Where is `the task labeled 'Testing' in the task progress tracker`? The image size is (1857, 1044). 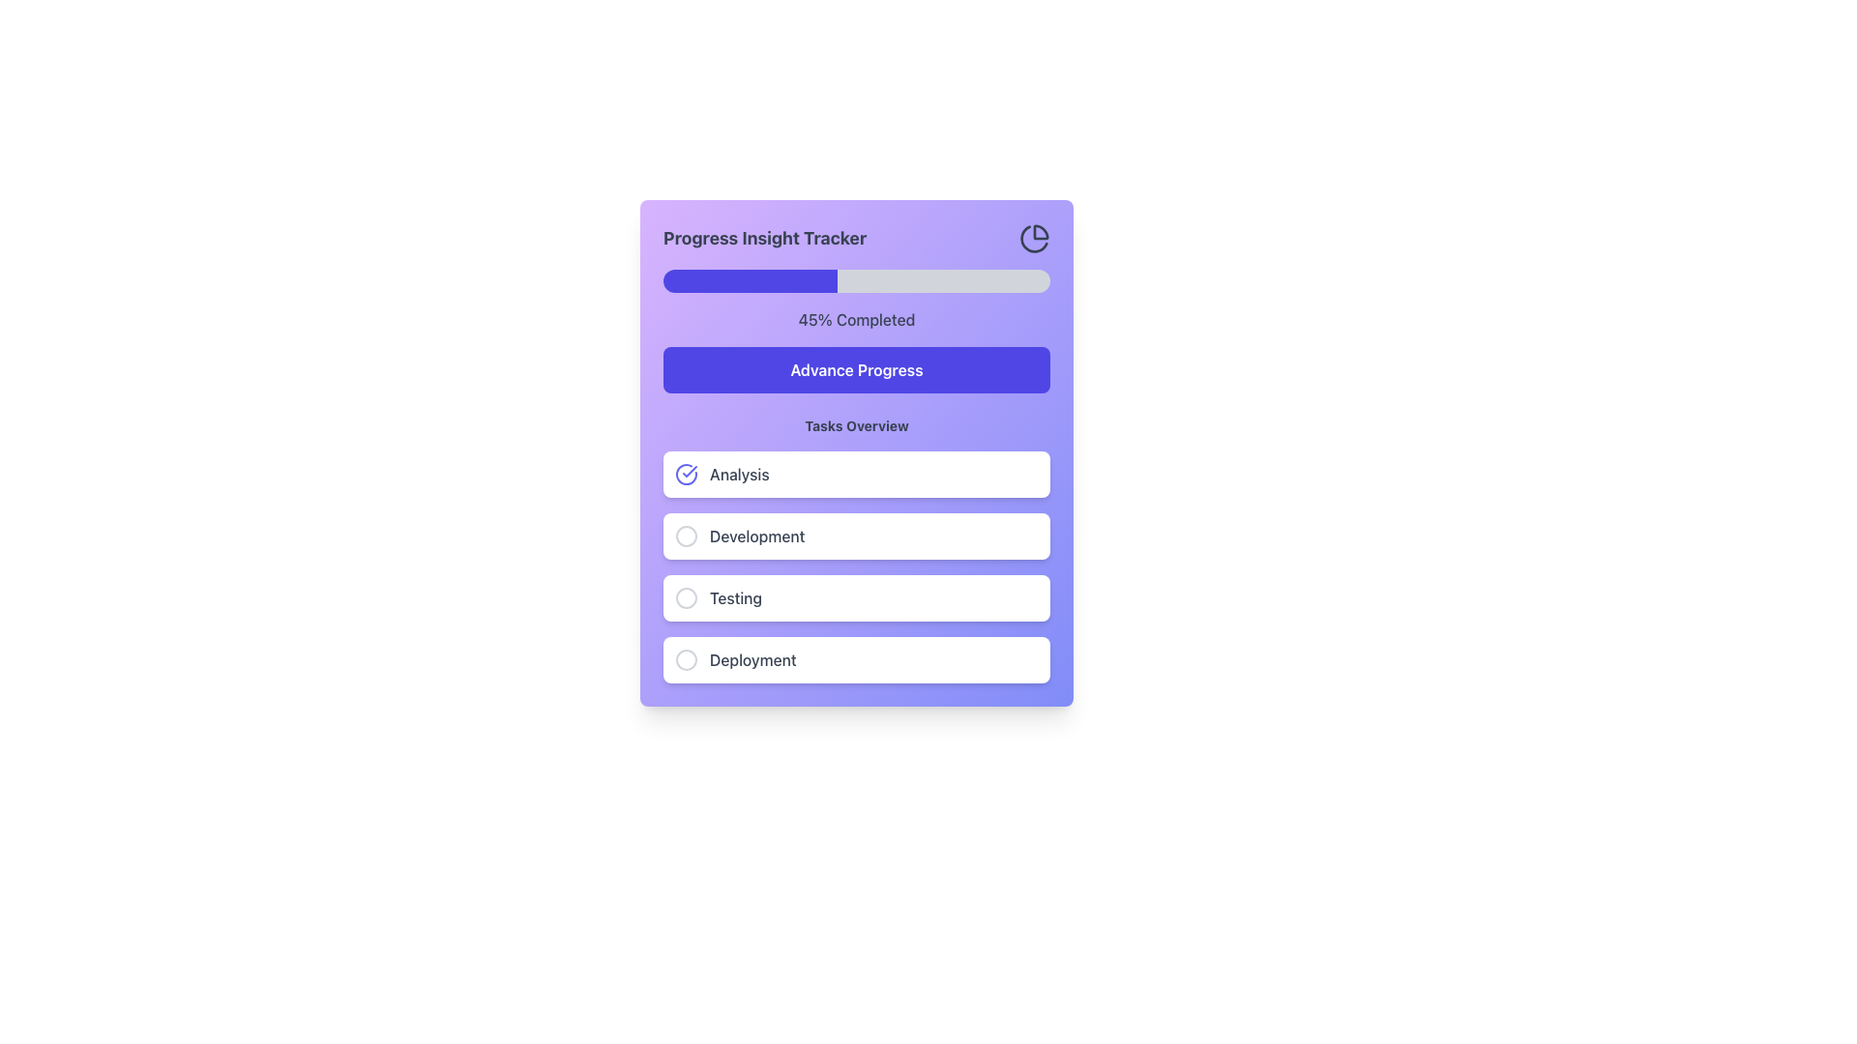 the task labeled 'Testing' in the task progress tracker is located at coordinates (856, 596).